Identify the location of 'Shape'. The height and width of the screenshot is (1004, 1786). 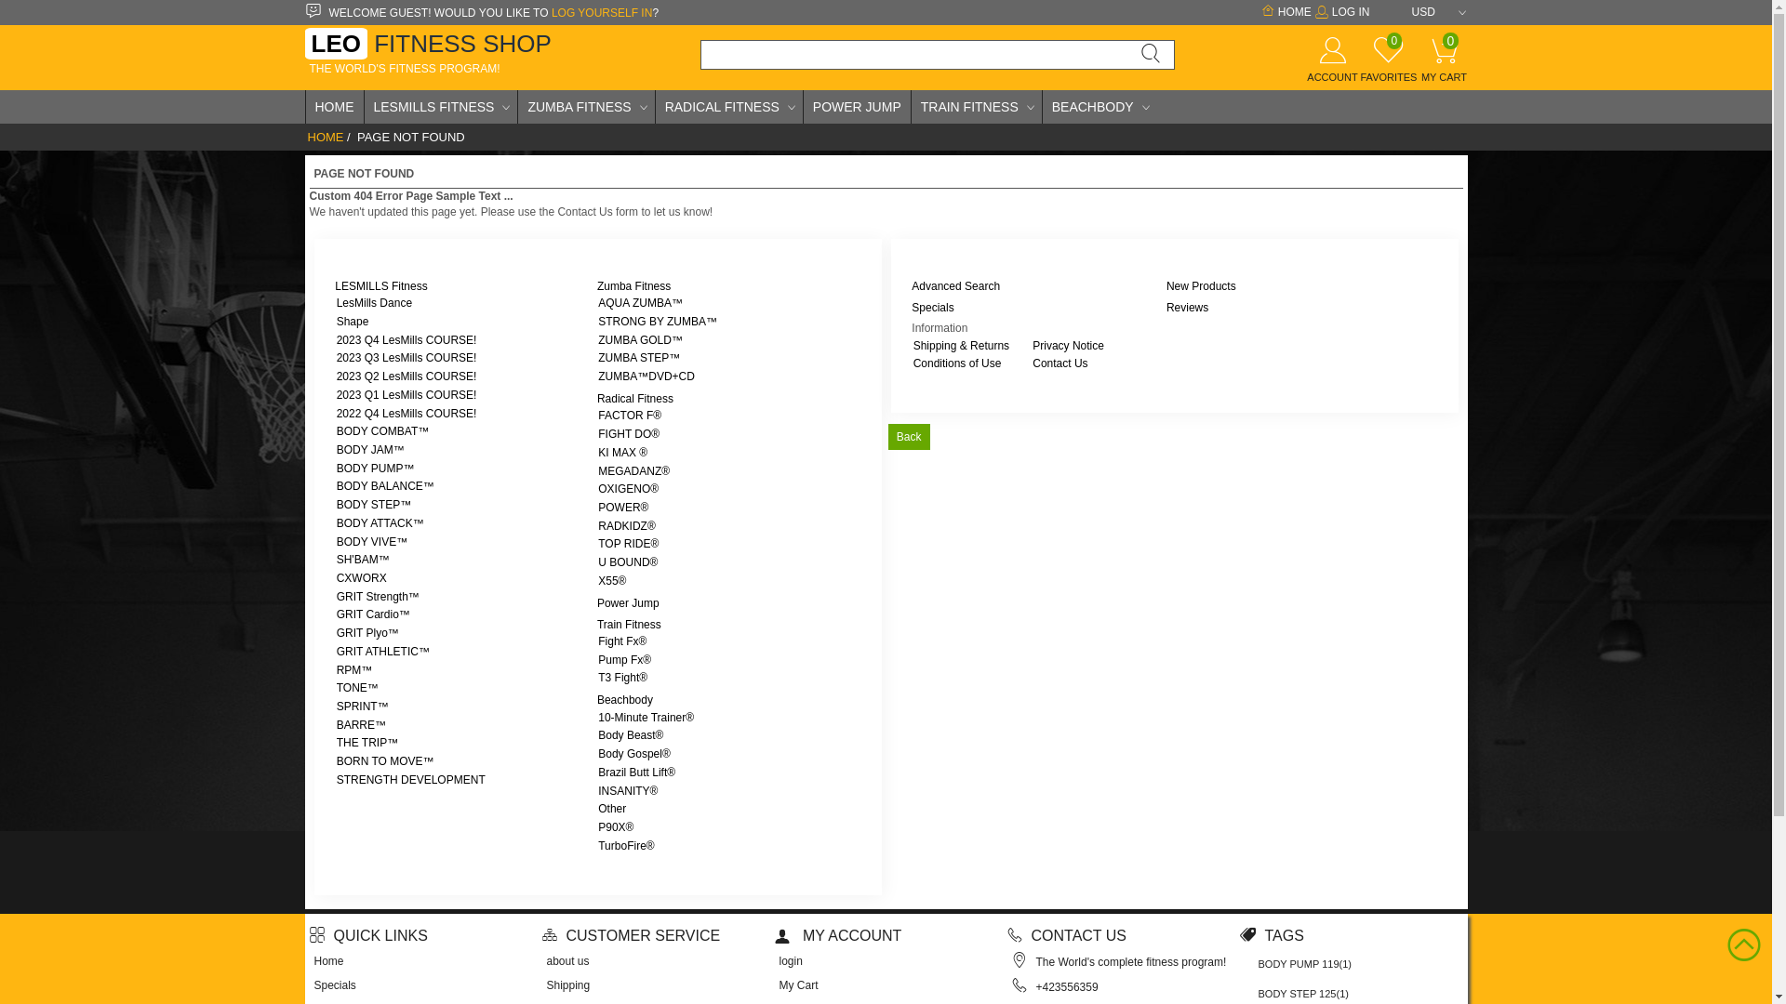
(353, 321).